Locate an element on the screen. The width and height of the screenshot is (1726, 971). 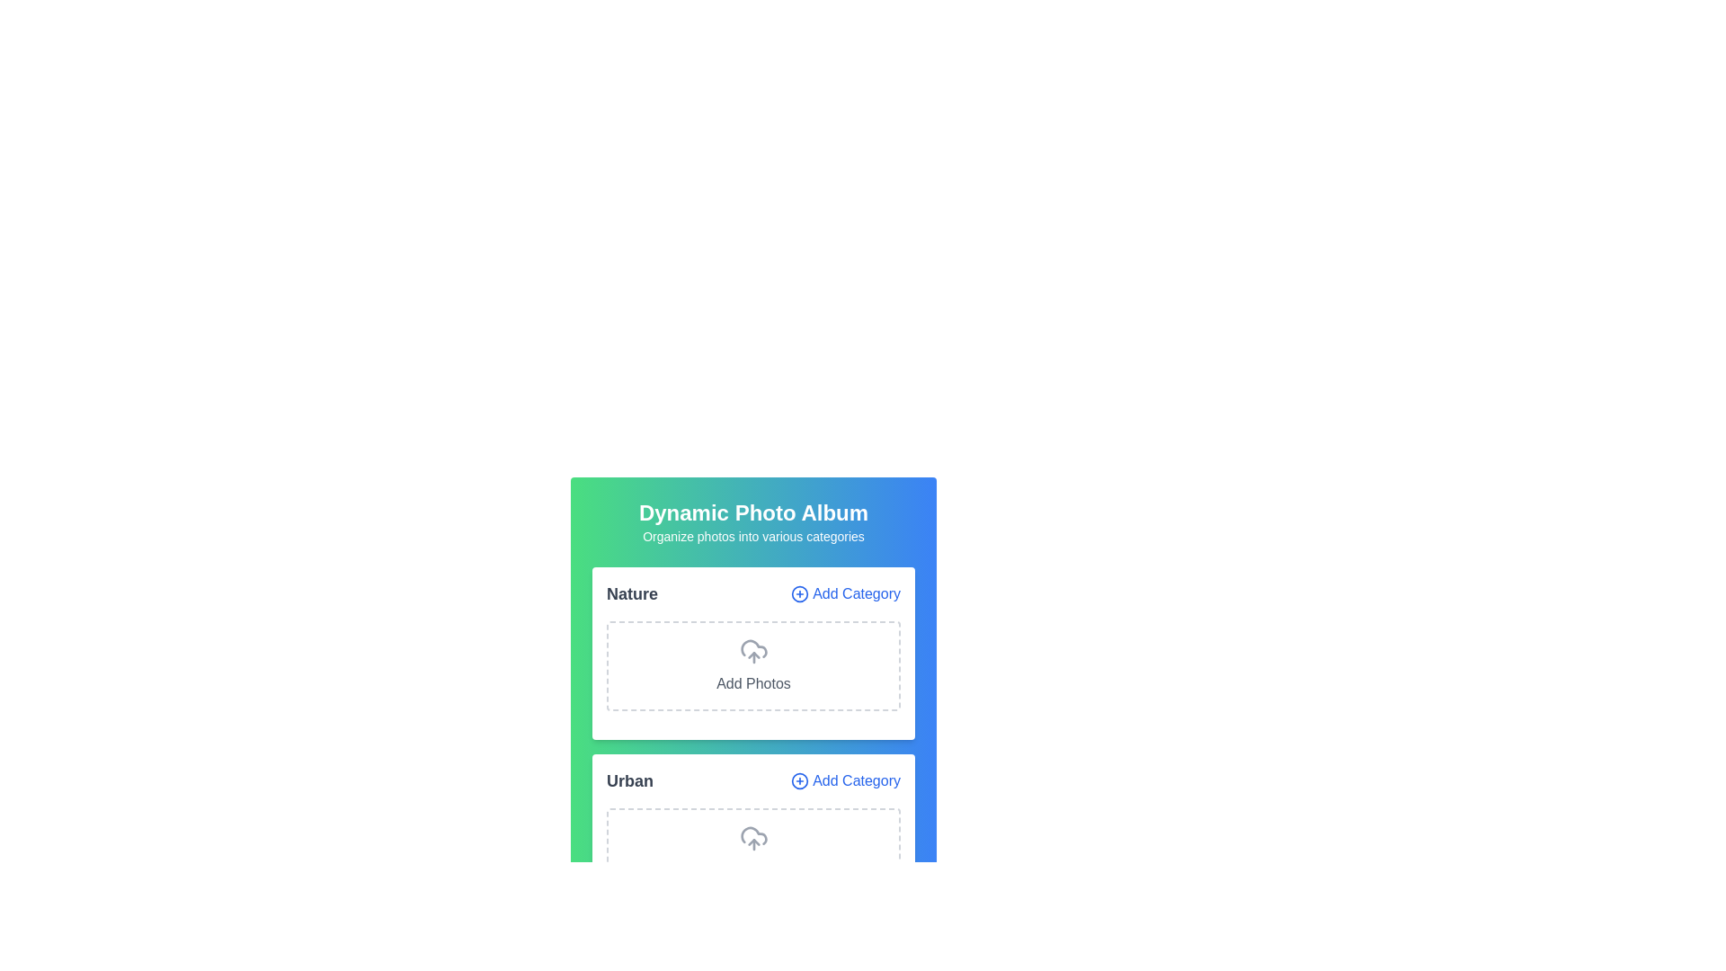
the 'Add Photos' button with a cloud upload icon and dashed border located in the 'Nature' category section to upload photos is located at coordinates (753, 665).